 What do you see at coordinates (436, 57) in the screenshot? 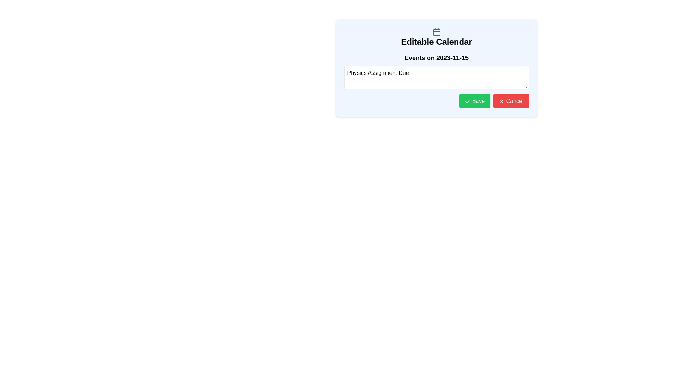
I see `text from the heading label that displays the date of the events in the Editable Calendar interface, located above the input field for 'Physics Assignment Due'` at bounding box center [436, 57].